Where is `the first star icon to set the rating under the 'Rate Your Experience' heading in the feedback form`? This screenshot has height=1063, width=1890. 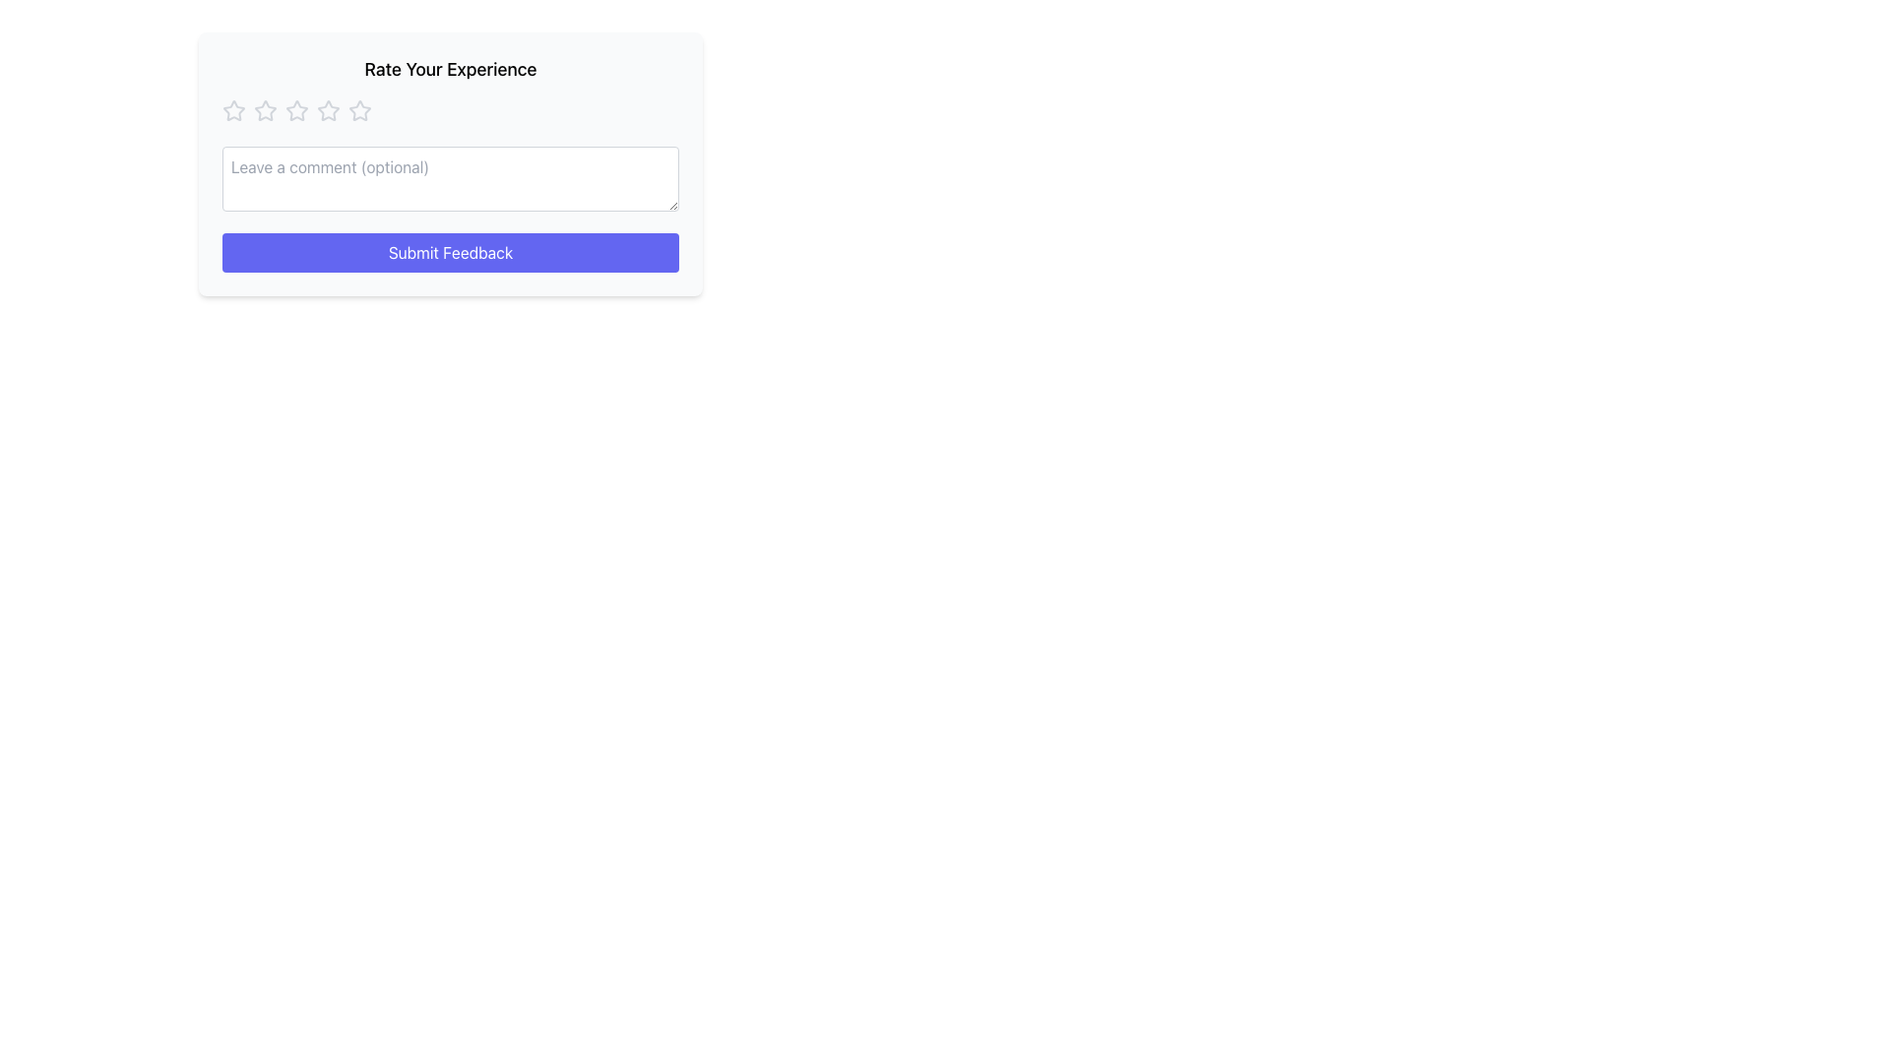 the first star icon to set the rating under the 'Rate Your Experience' heading in the feedback form is located at coordinates (264, 110).